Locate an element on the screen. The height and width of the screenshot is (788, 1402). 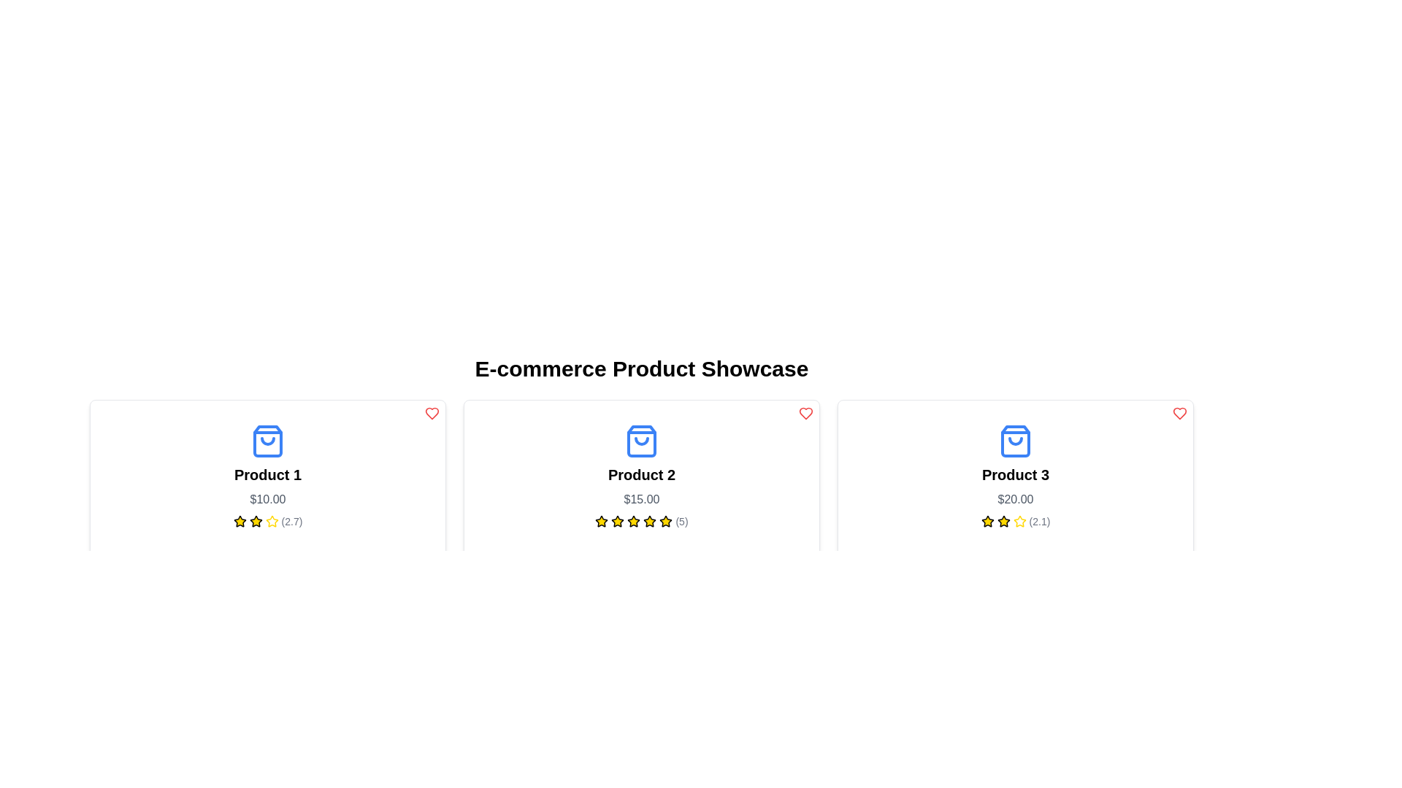
the rating display component below the price label '$20.00' for 'Product 3' is located at coordinates (1015, 520).